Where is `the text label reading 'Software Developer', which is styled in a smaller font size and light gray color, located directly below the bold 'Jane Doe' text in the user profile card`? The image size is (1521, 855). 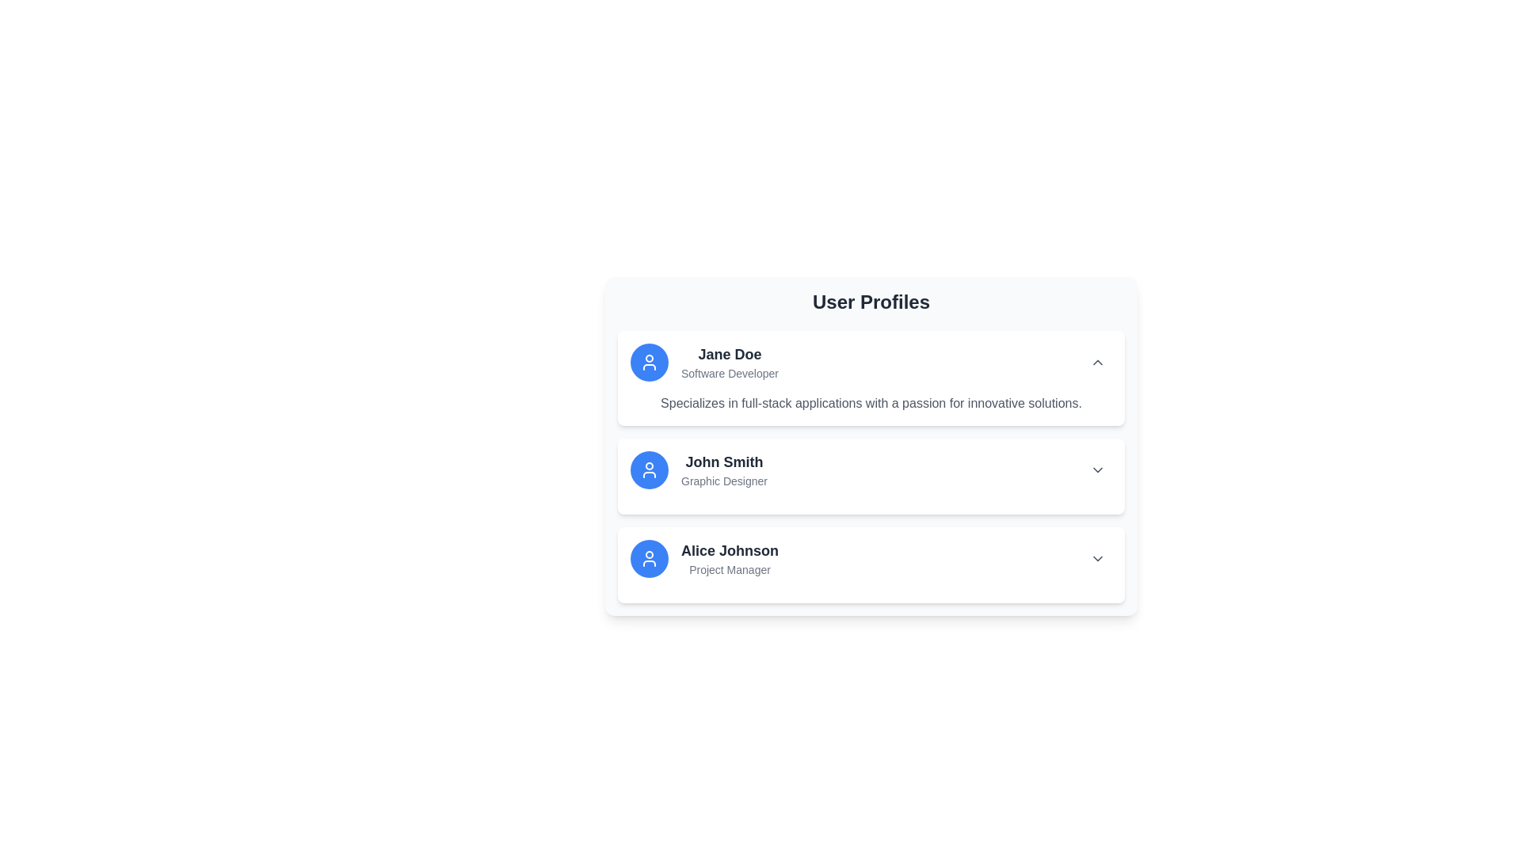
the text label reading 'Software Developer', which is styled in a smaller font size and light gray color, located directly below the bold 'Jane Doe' text in the user profile card is located at coordinates (729, 373).